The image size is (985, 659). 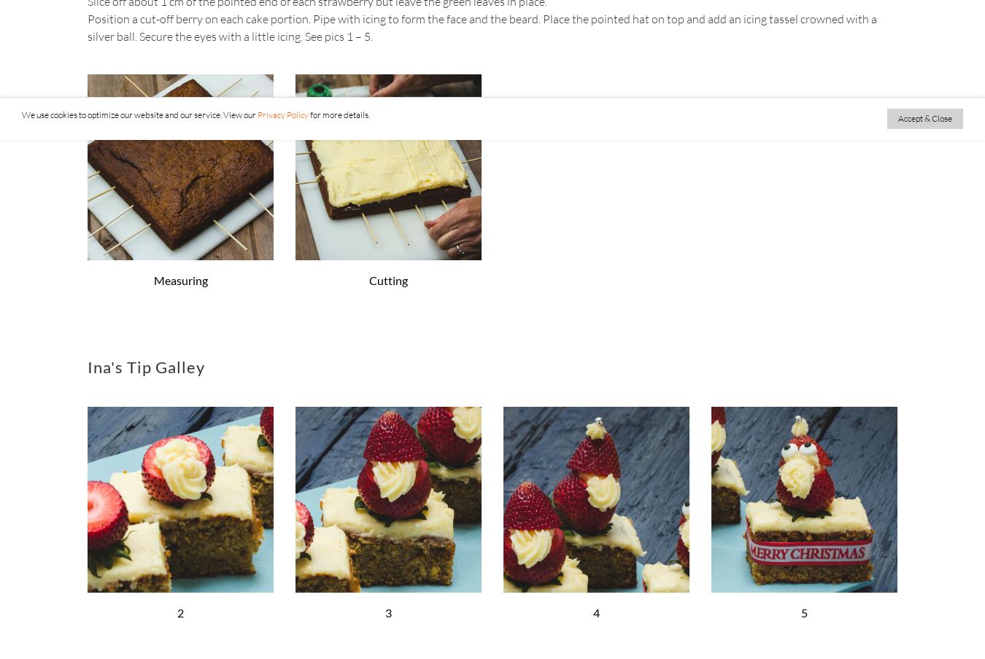 I want to click on 'Ina's Tip Galley', so click(x=146, y=365).